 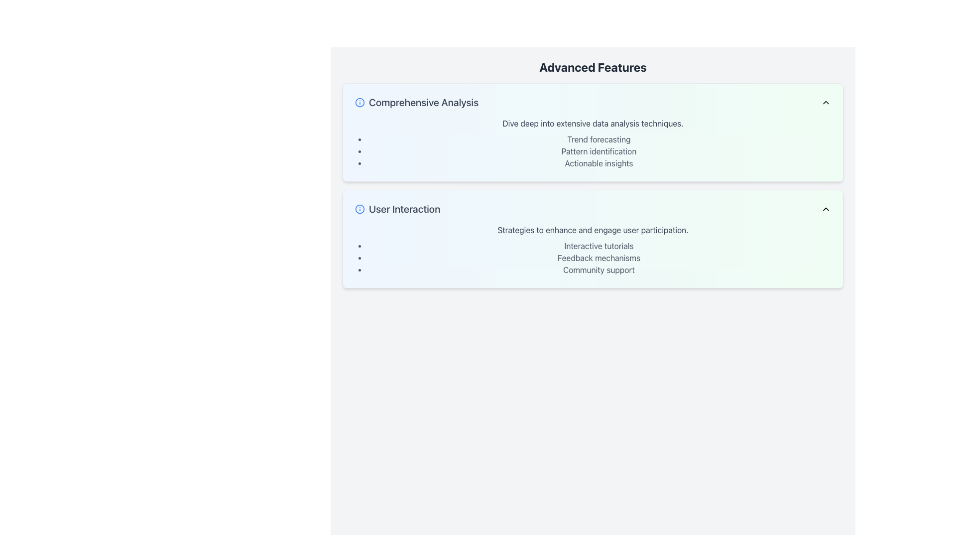 I want to click on the static text element that highlights a feature under the 'Comprehensive Analysis' category, specifically the third item in the bulleted list, so click(x=598, y=162).